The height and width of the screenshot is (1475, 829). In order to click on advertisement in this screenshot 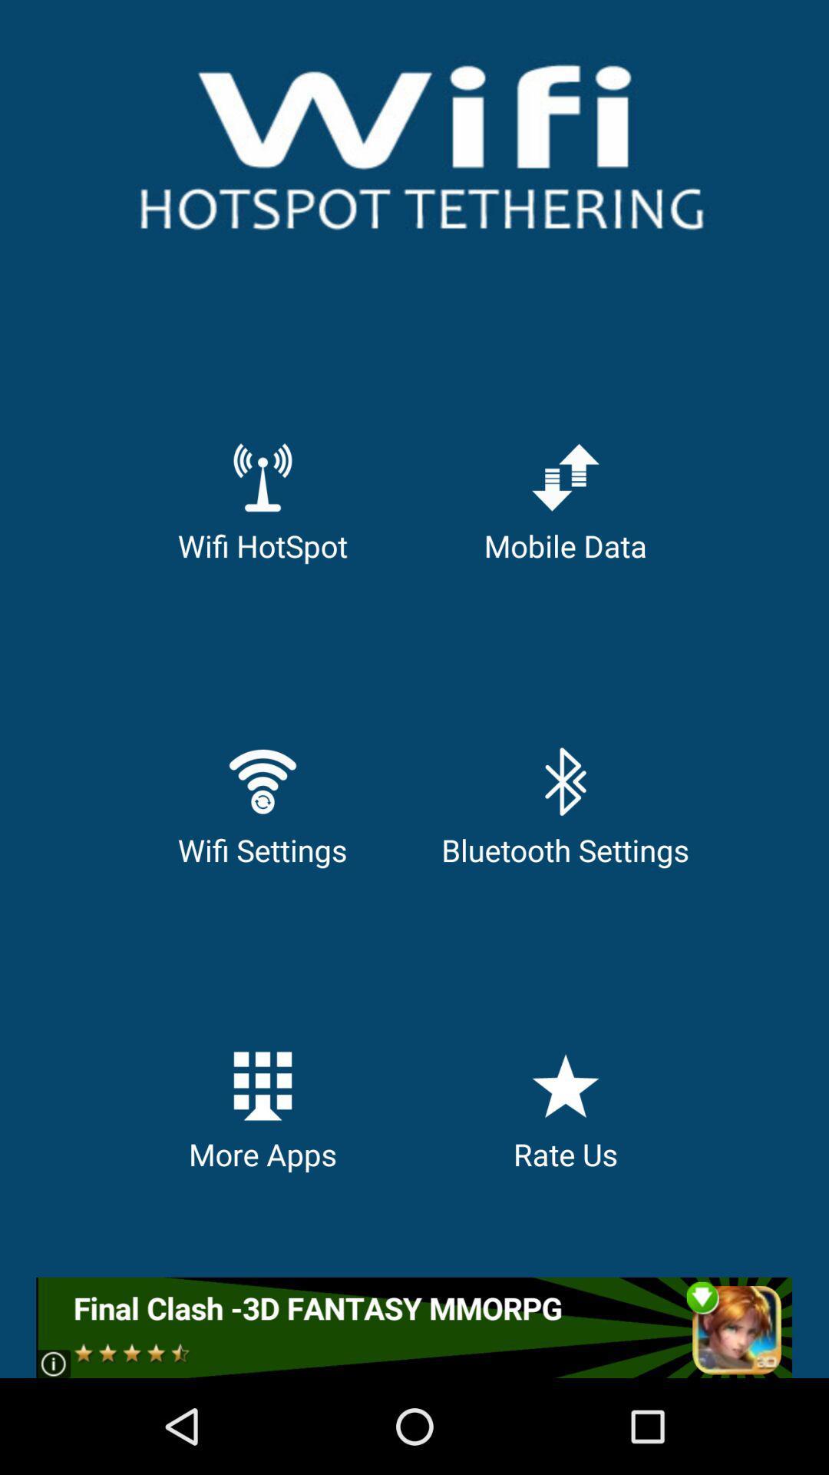, I will do `click(413, 1327)`.